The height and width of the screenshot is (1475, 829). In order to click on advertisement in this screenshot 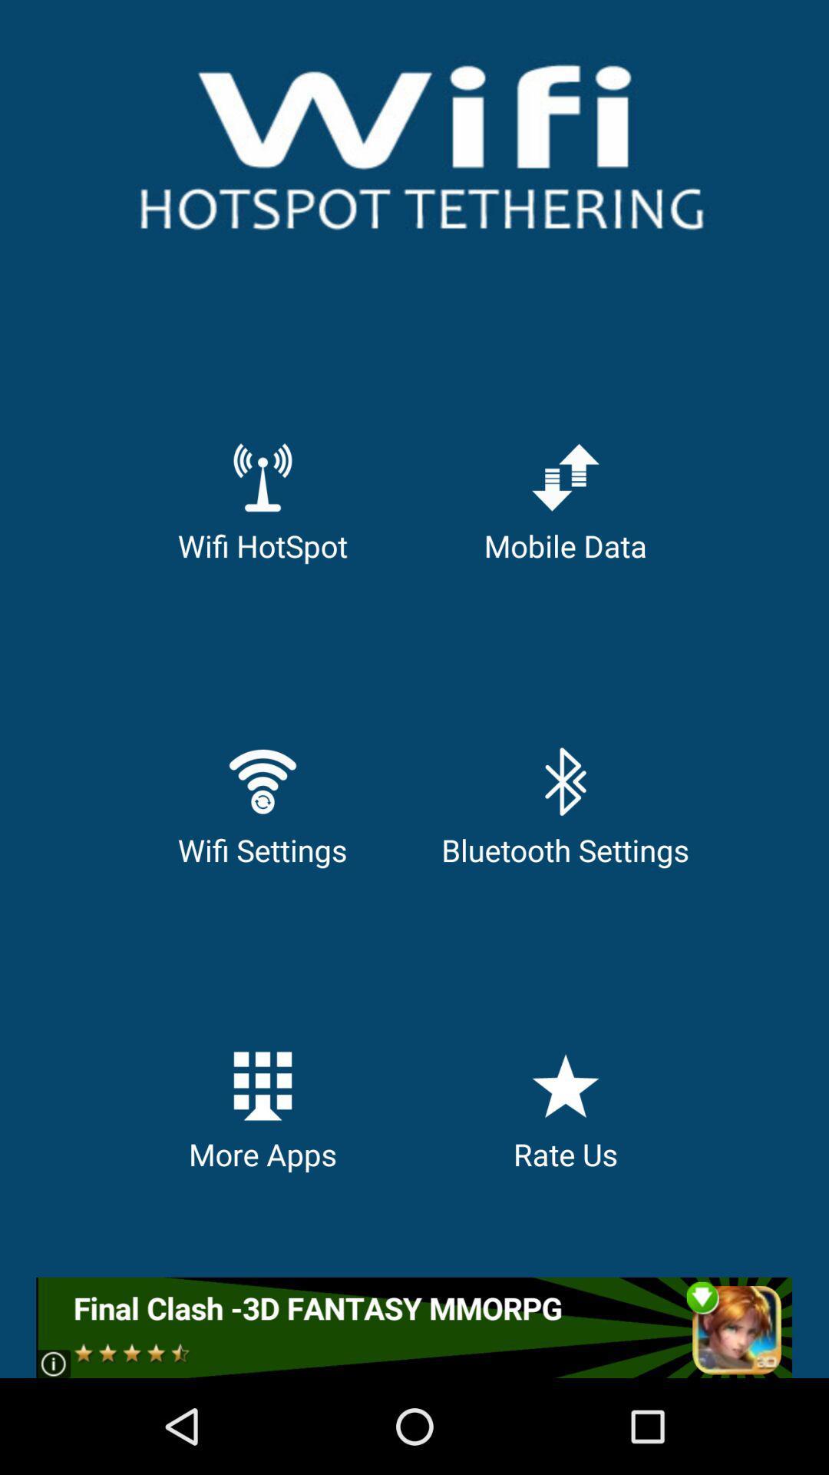, I will do `click(413, 1327)`.